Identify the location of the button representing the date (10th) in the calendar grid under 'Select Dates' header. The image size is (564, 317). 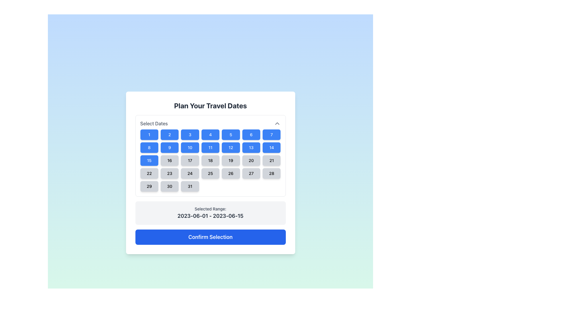
(190, 147).